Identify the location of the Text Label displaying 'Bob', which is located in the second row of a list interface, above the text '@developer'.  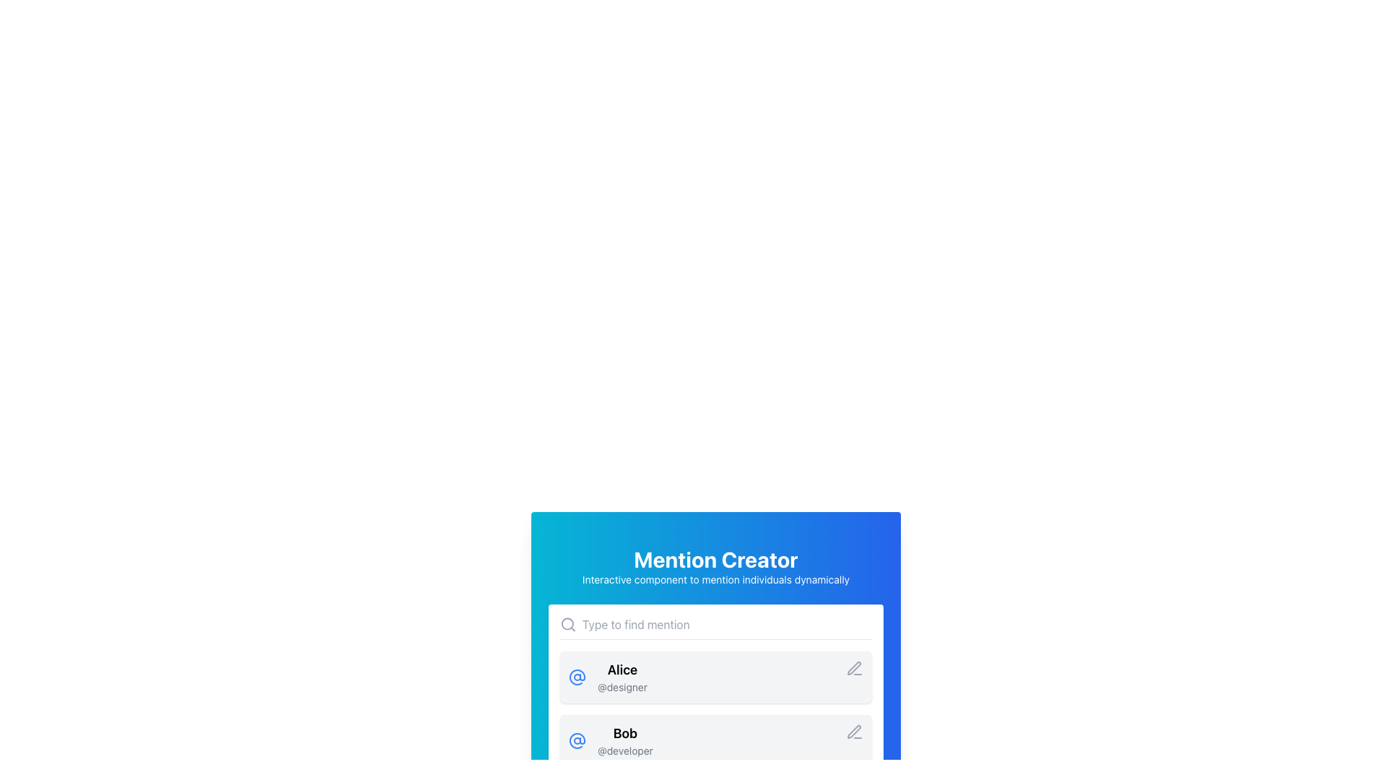
(625, 733).